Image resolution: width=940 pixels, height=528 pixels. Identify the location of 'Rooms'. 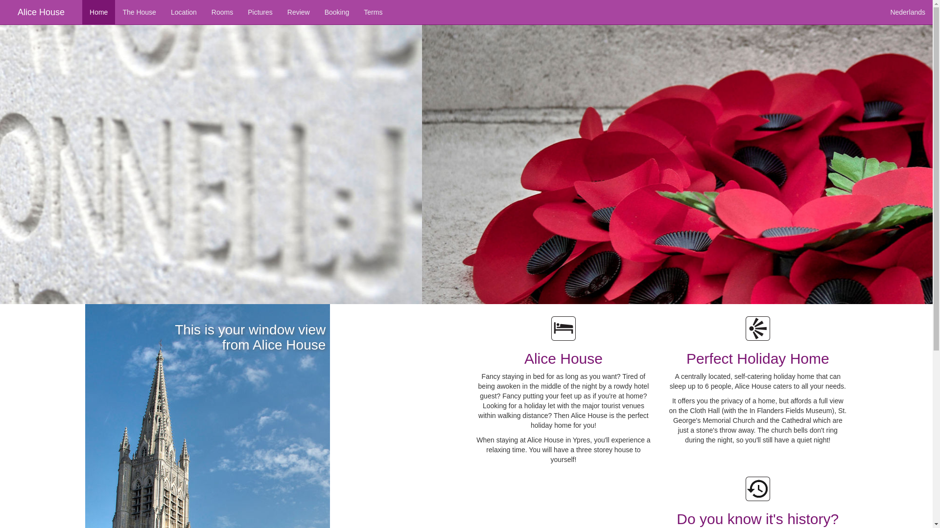
(204, 12).